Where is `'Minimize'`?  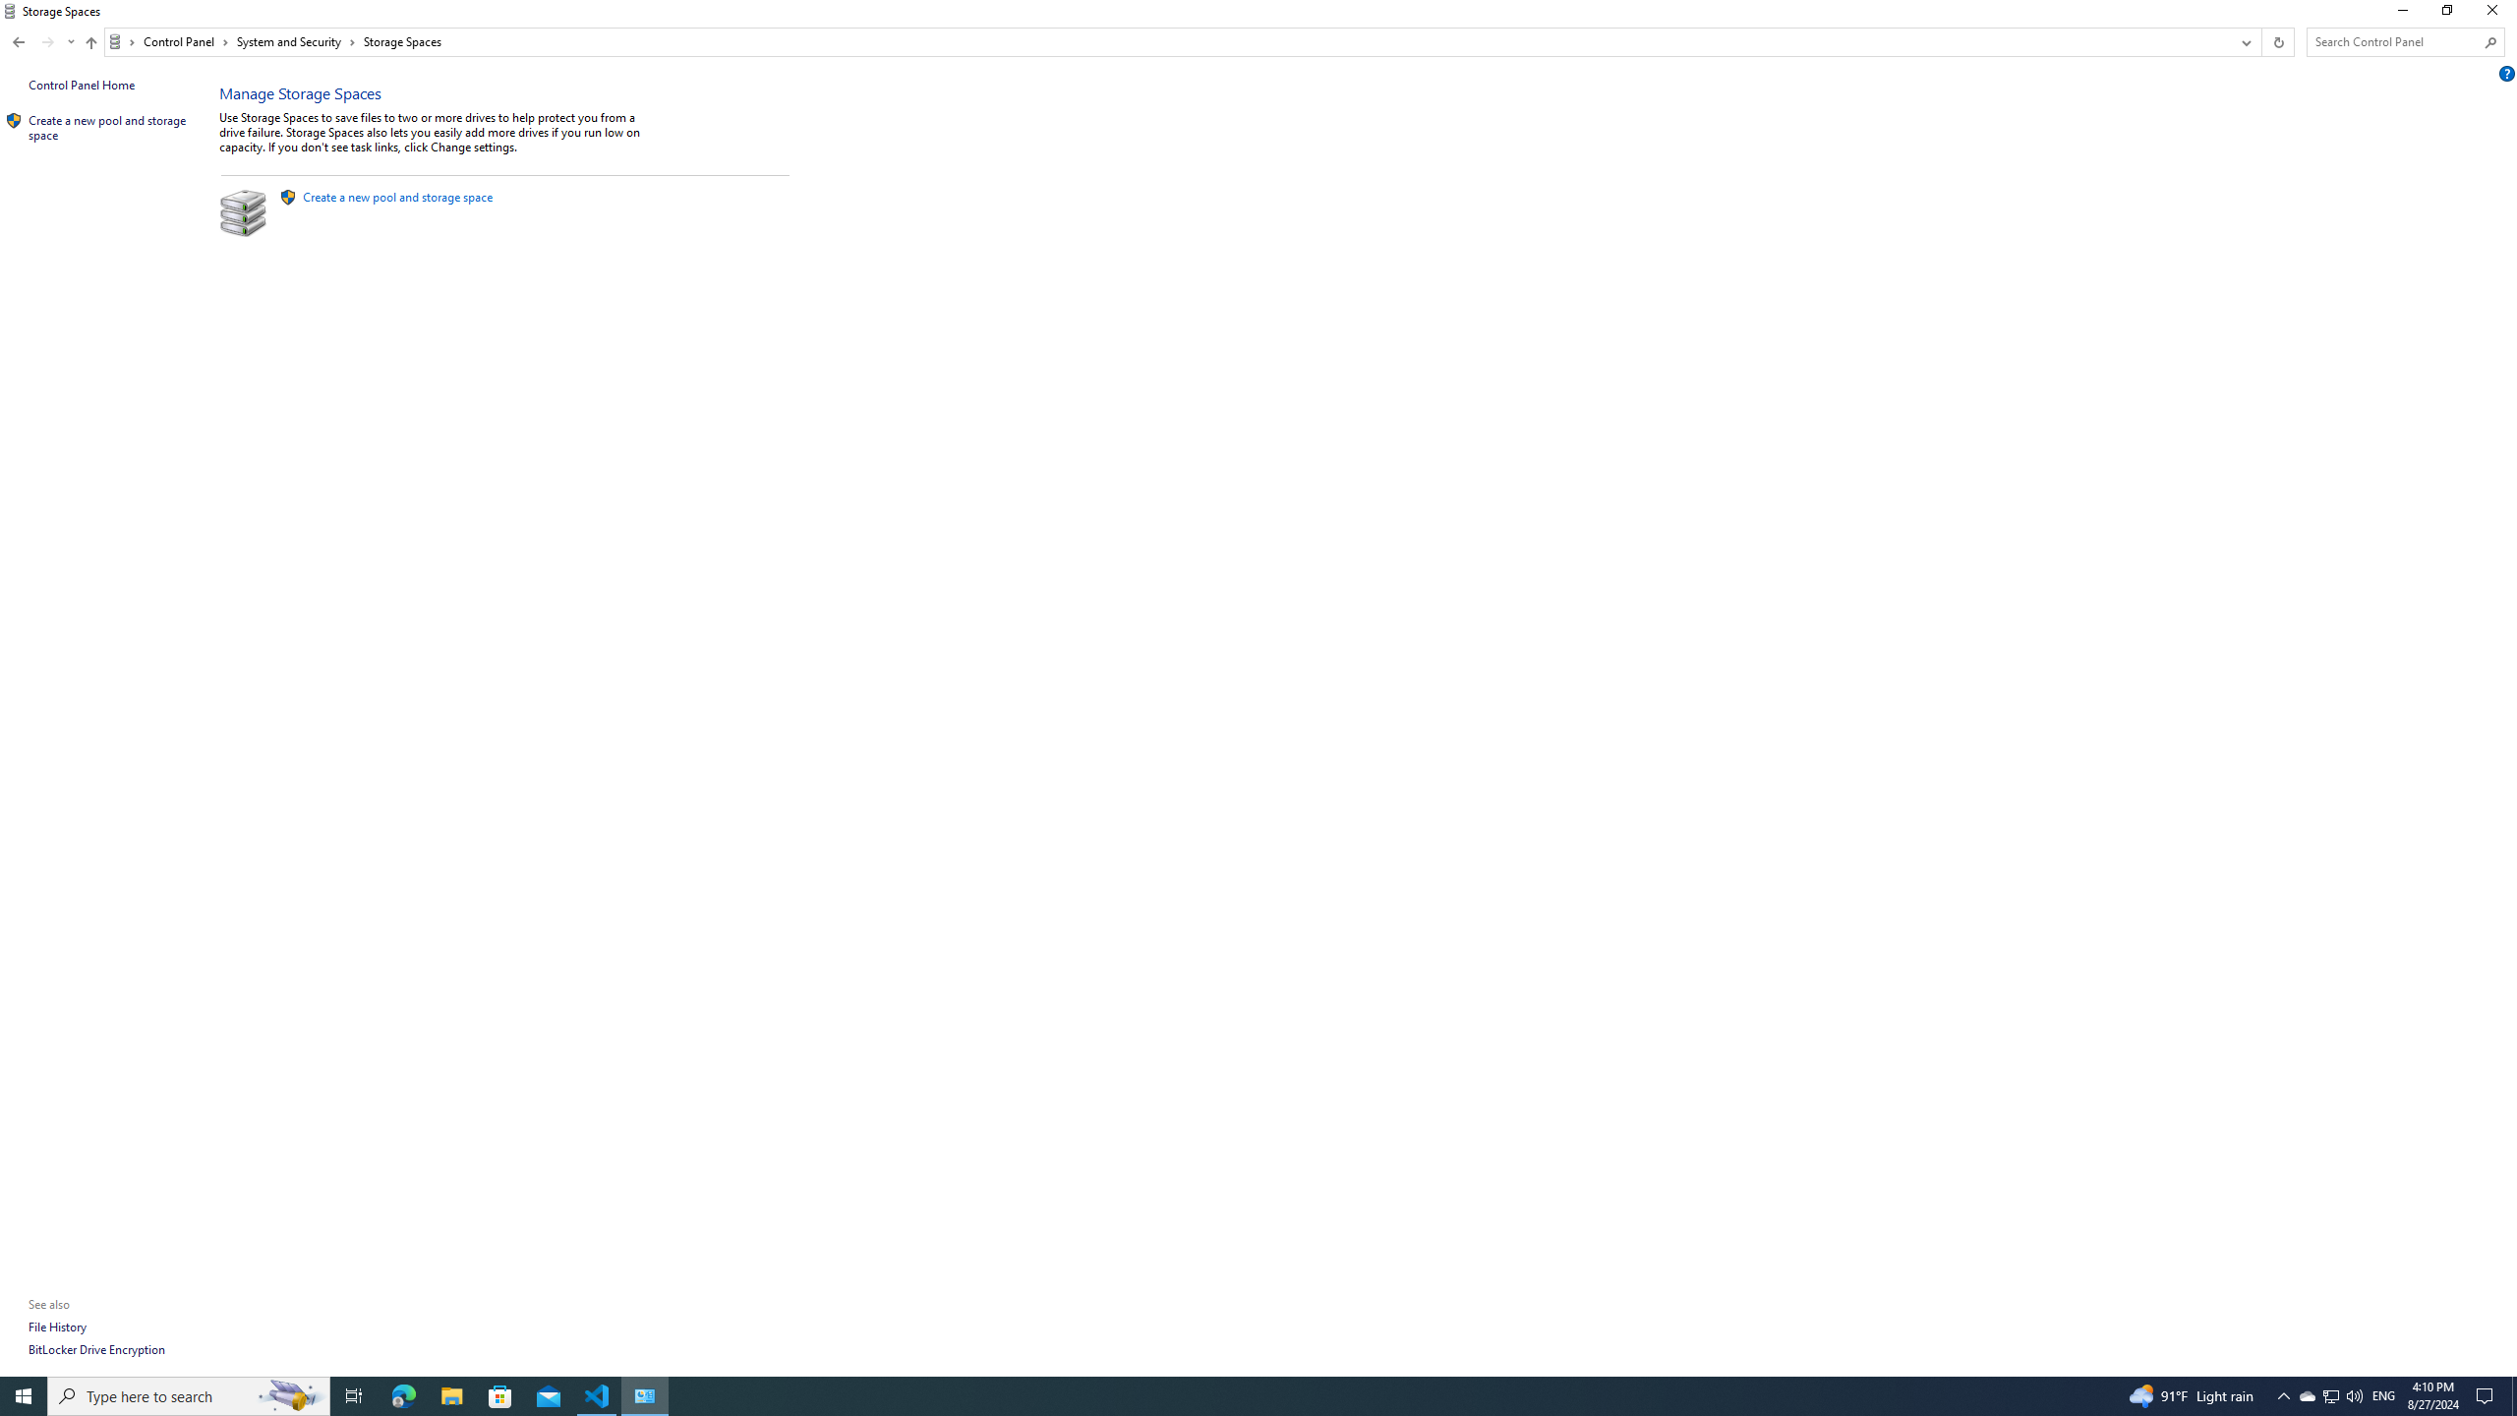 'Minimize' is located at coordinates (2400, 15).